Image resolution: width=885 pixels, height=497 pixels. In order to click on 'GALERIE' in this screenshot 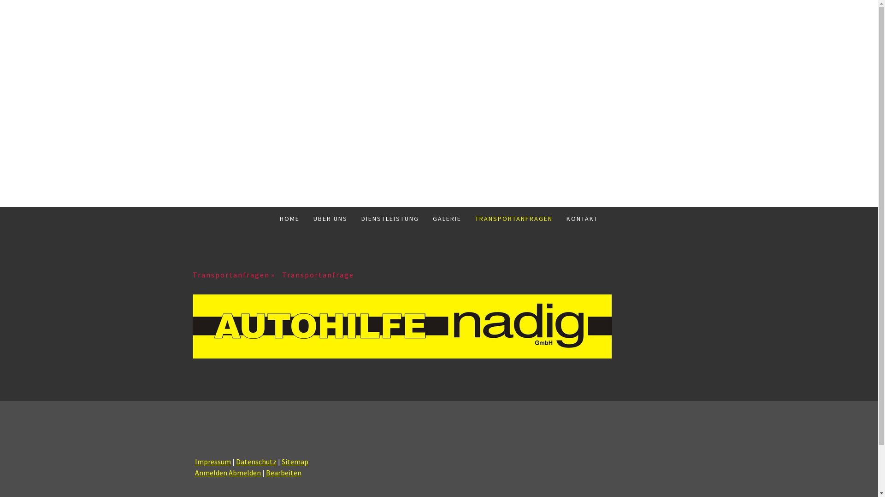, I will do `click(425, 218)`.